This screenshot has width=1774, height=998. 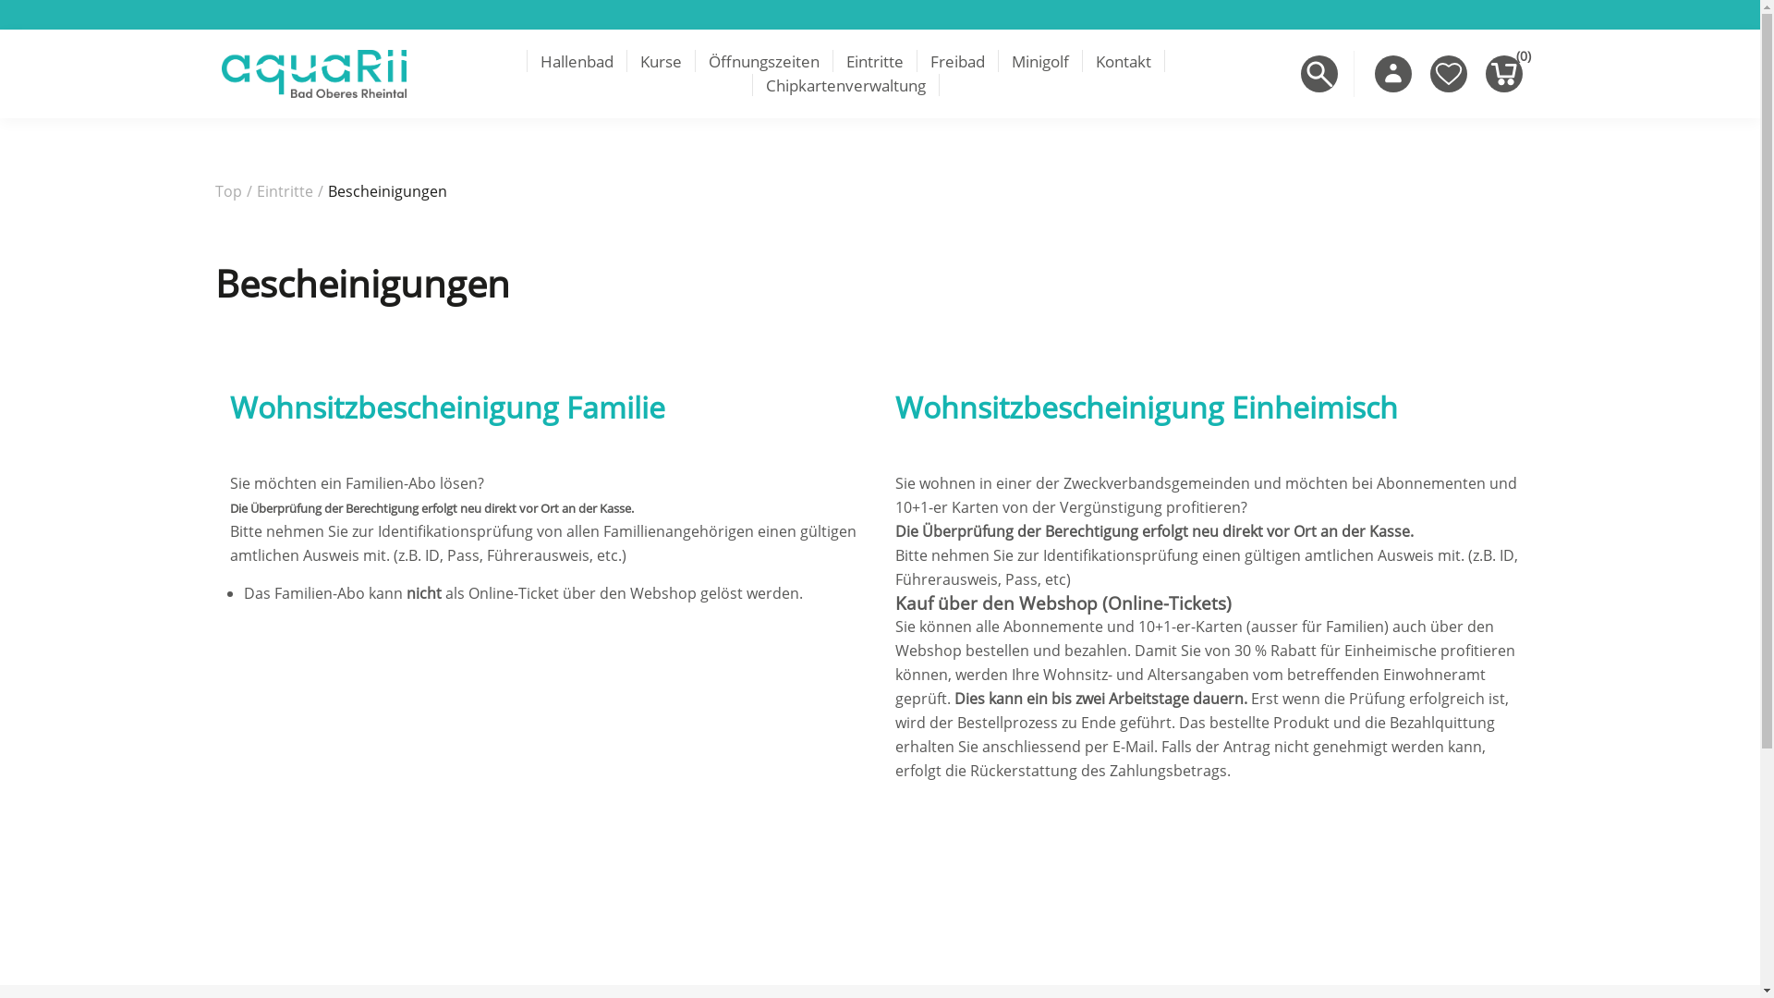 What do you see at coordinates (917, 60) in the screenshot?
I see `'Freibad'` at bounding box center [917, 60].